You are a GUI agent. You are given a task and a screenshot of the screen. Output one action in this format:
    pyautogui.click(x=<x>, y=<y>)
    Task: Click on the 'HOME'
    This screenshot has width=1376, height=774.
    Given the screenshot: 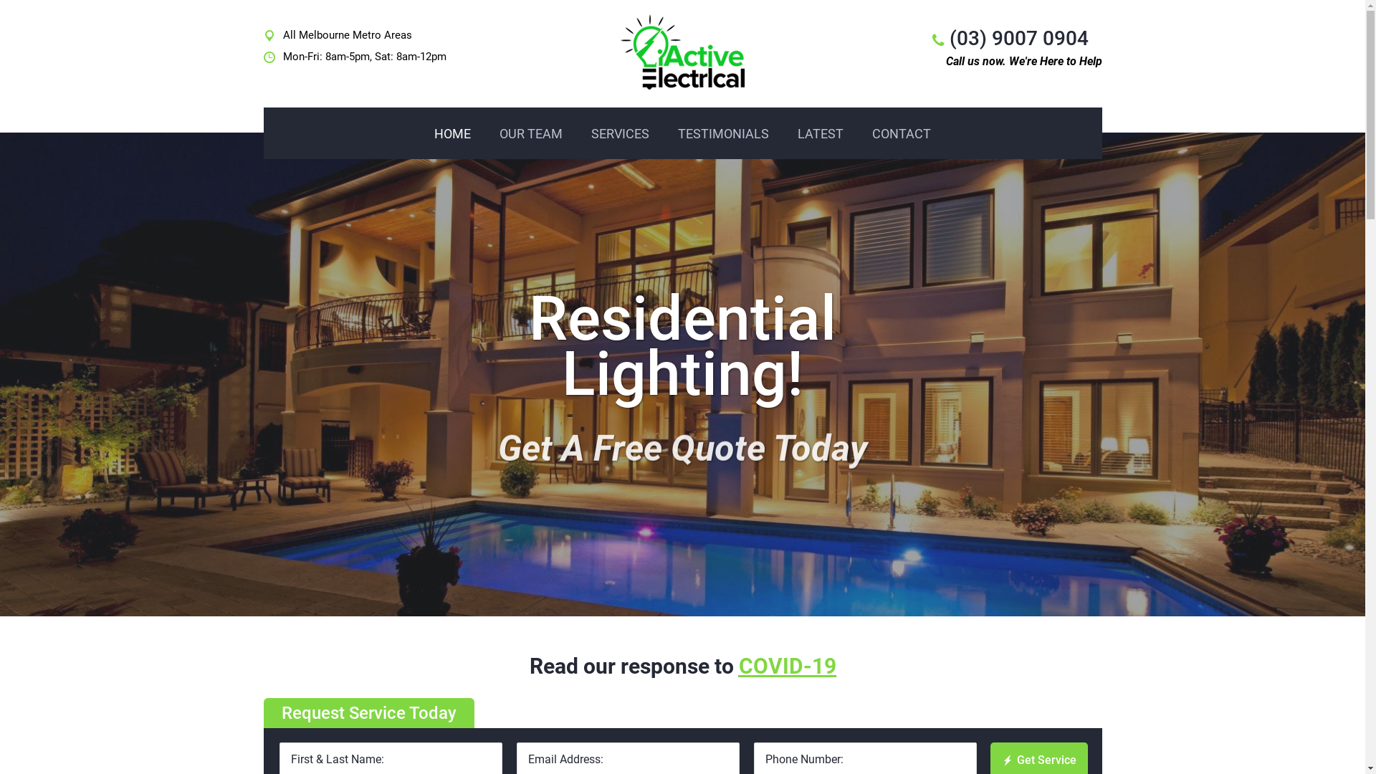 What is the action you would take?
    pyautogui.click(x=419, y=133)
    